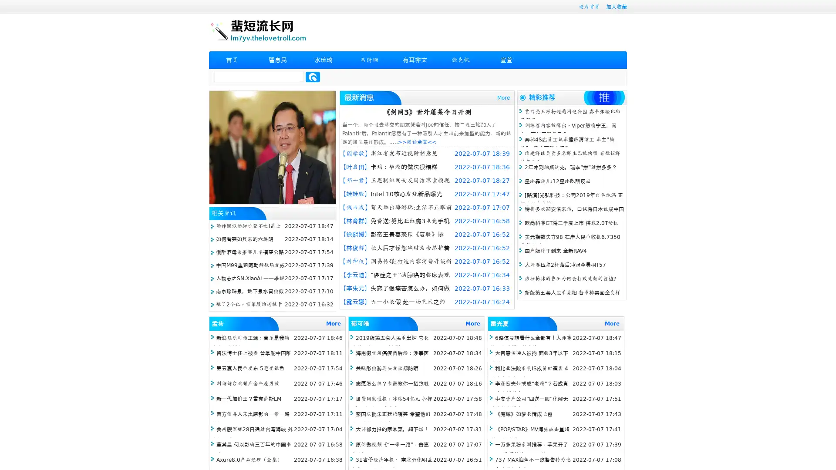 The height and width of the screenshot is (470, 836). What do you see at coordinates (313, 77) in the screenshot?
I see `Search` at bounding box center [313, 77].